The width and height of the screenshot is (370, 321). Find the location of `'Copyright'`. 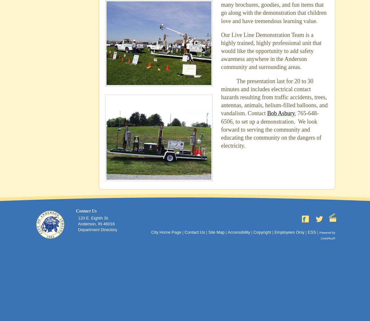

'Copyright' is located at coordinates (262, 232).